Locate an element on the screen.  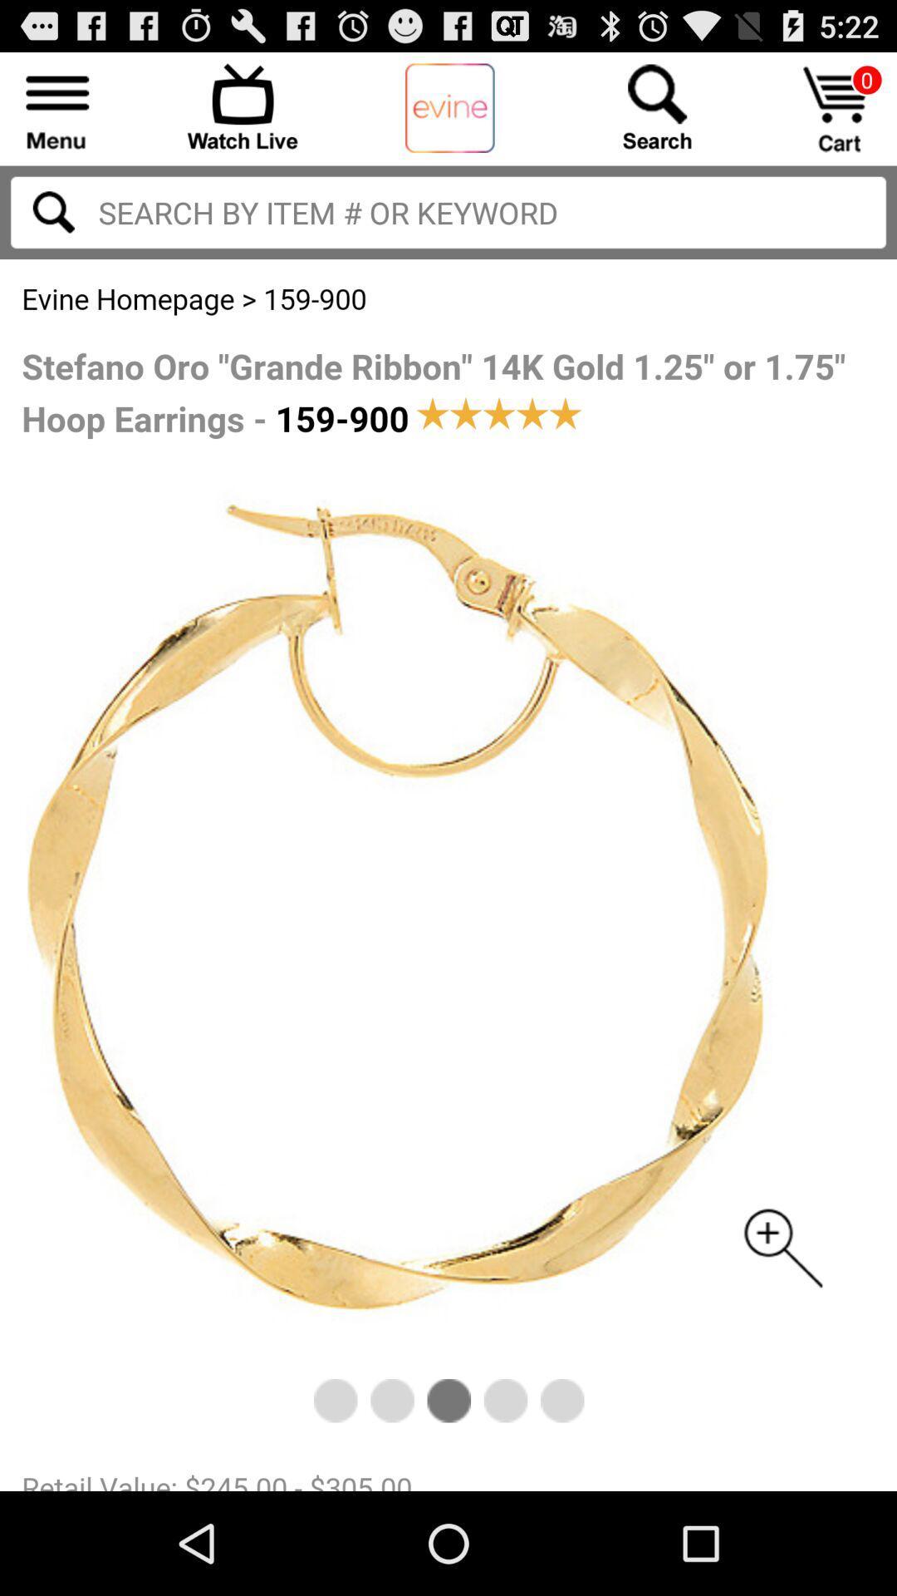
evine is located at coordinates (449, 108).